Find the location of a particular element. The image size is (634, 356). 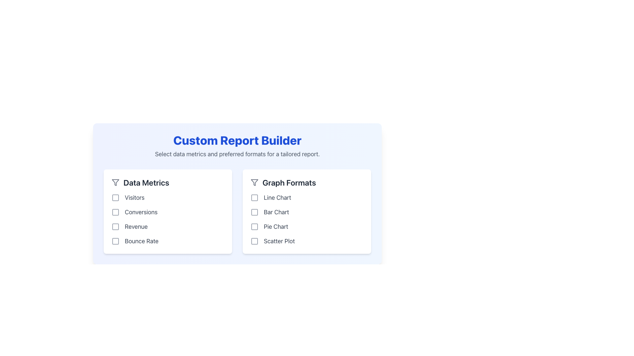

the checkbox icon located in the 'Graph Formats' section is located at coordinates (254, 226).